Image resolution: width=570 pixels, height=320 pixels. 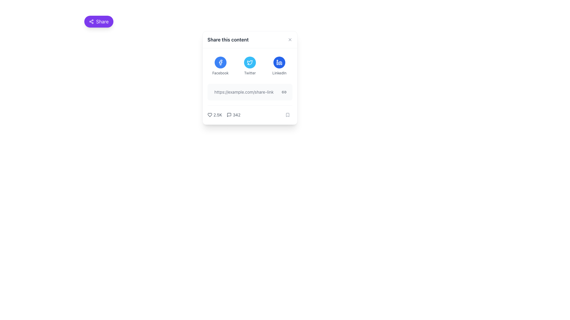 What do you see at coordinates (220, 63) in the screenshot?
I see `the Facebook sharing icon located at the top-left of the sharing options section` at bounding box center [220, 63].